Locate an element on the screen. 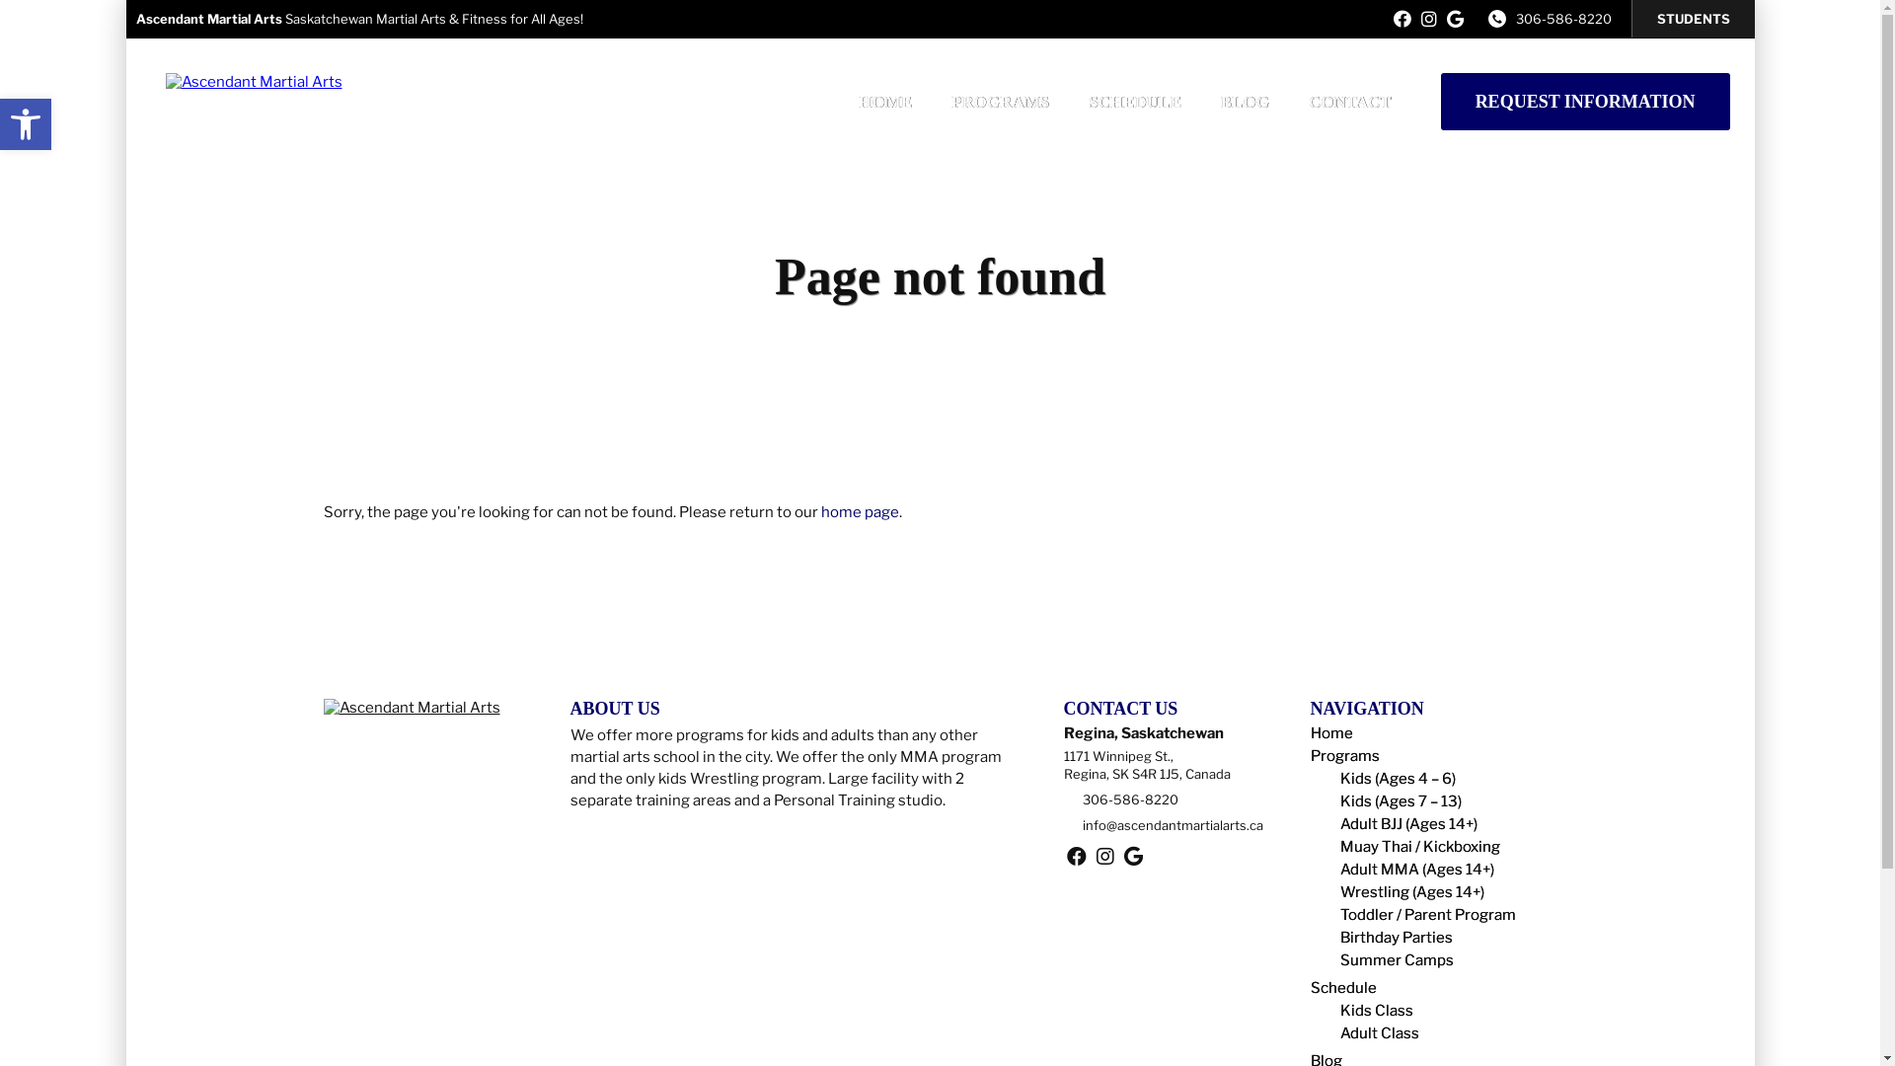  'Summer Camps' is located at coordinates (1396, 958).